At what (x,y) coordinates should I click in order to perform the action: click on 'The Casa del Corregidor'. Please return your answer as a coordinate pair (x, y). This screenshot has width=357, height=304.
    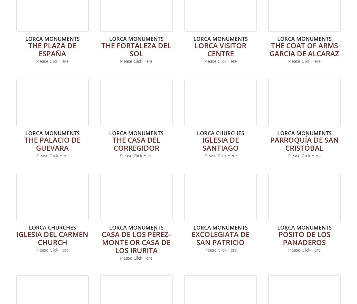
    Looking at the image, I should click on (136, 143).